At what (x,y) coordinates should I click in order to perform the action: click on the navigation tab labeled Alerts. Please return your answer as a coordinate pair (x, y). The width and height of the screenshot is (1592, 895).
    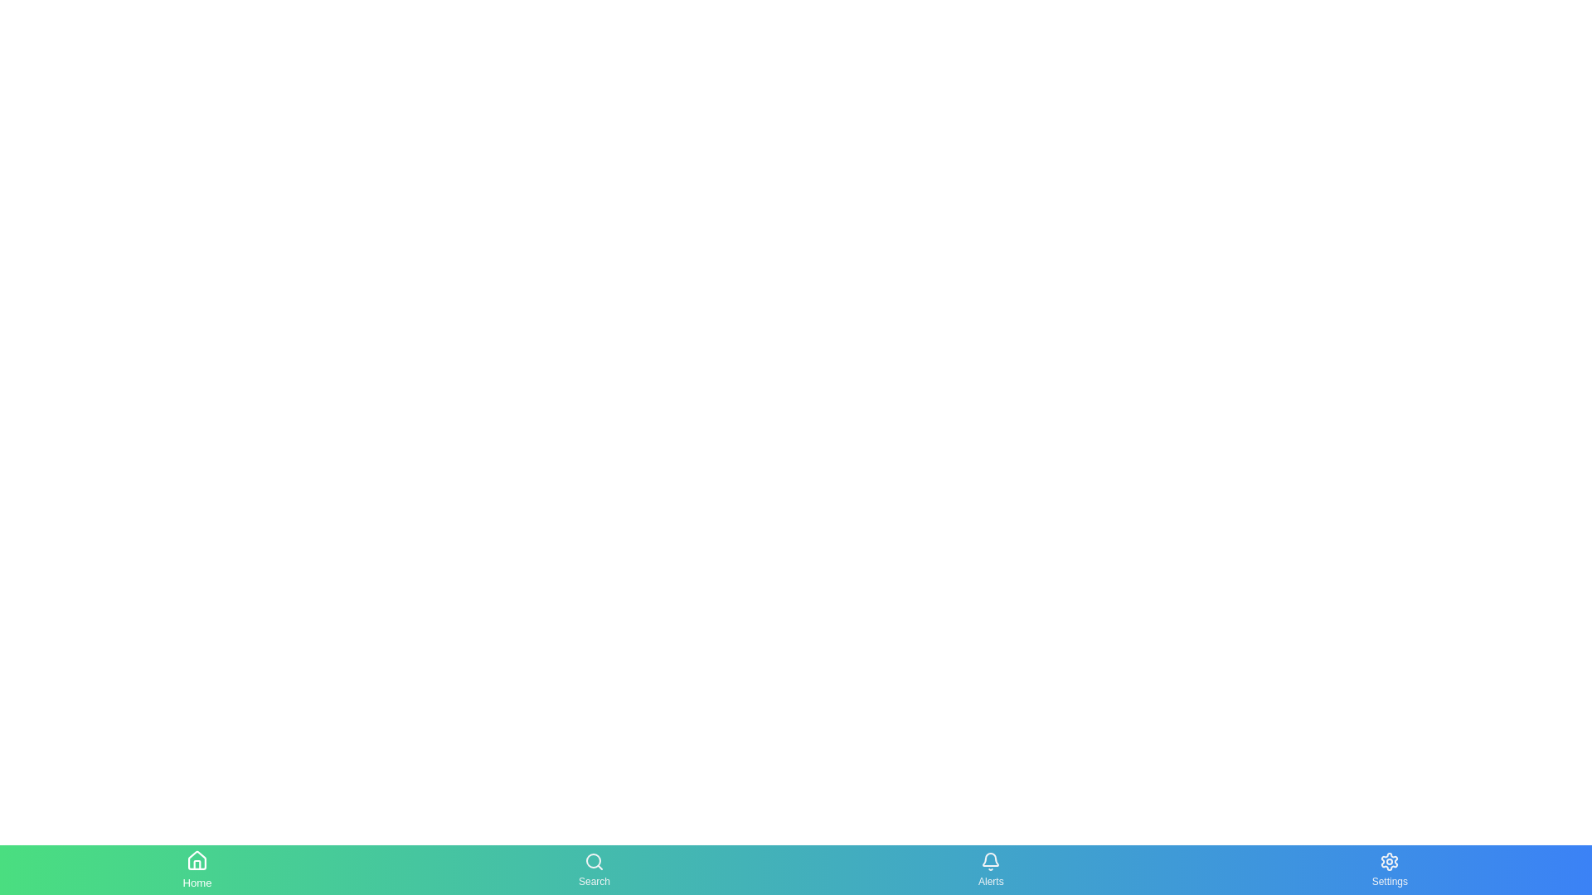
    Looking at the image, I should click on (991, 868).